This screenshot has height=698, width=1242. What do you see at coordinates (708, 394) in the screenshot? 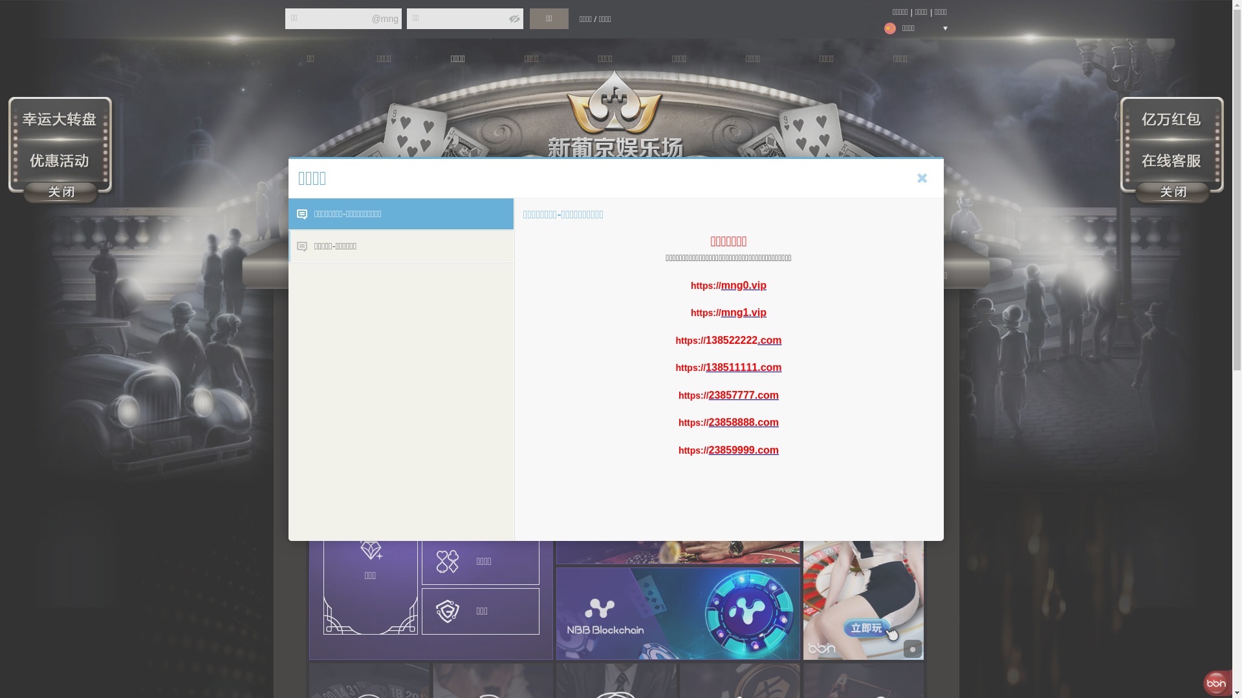
I see `'23857777.com'` at bounding box center [708, 394].